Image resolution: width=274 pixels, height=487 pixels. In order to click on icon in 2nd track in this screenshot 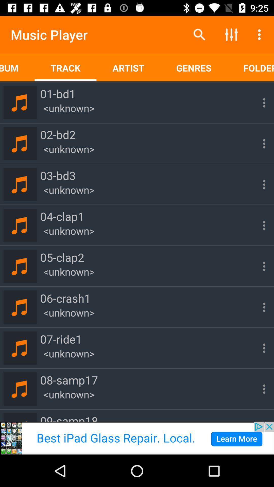, I will do `click(259, 143)`.